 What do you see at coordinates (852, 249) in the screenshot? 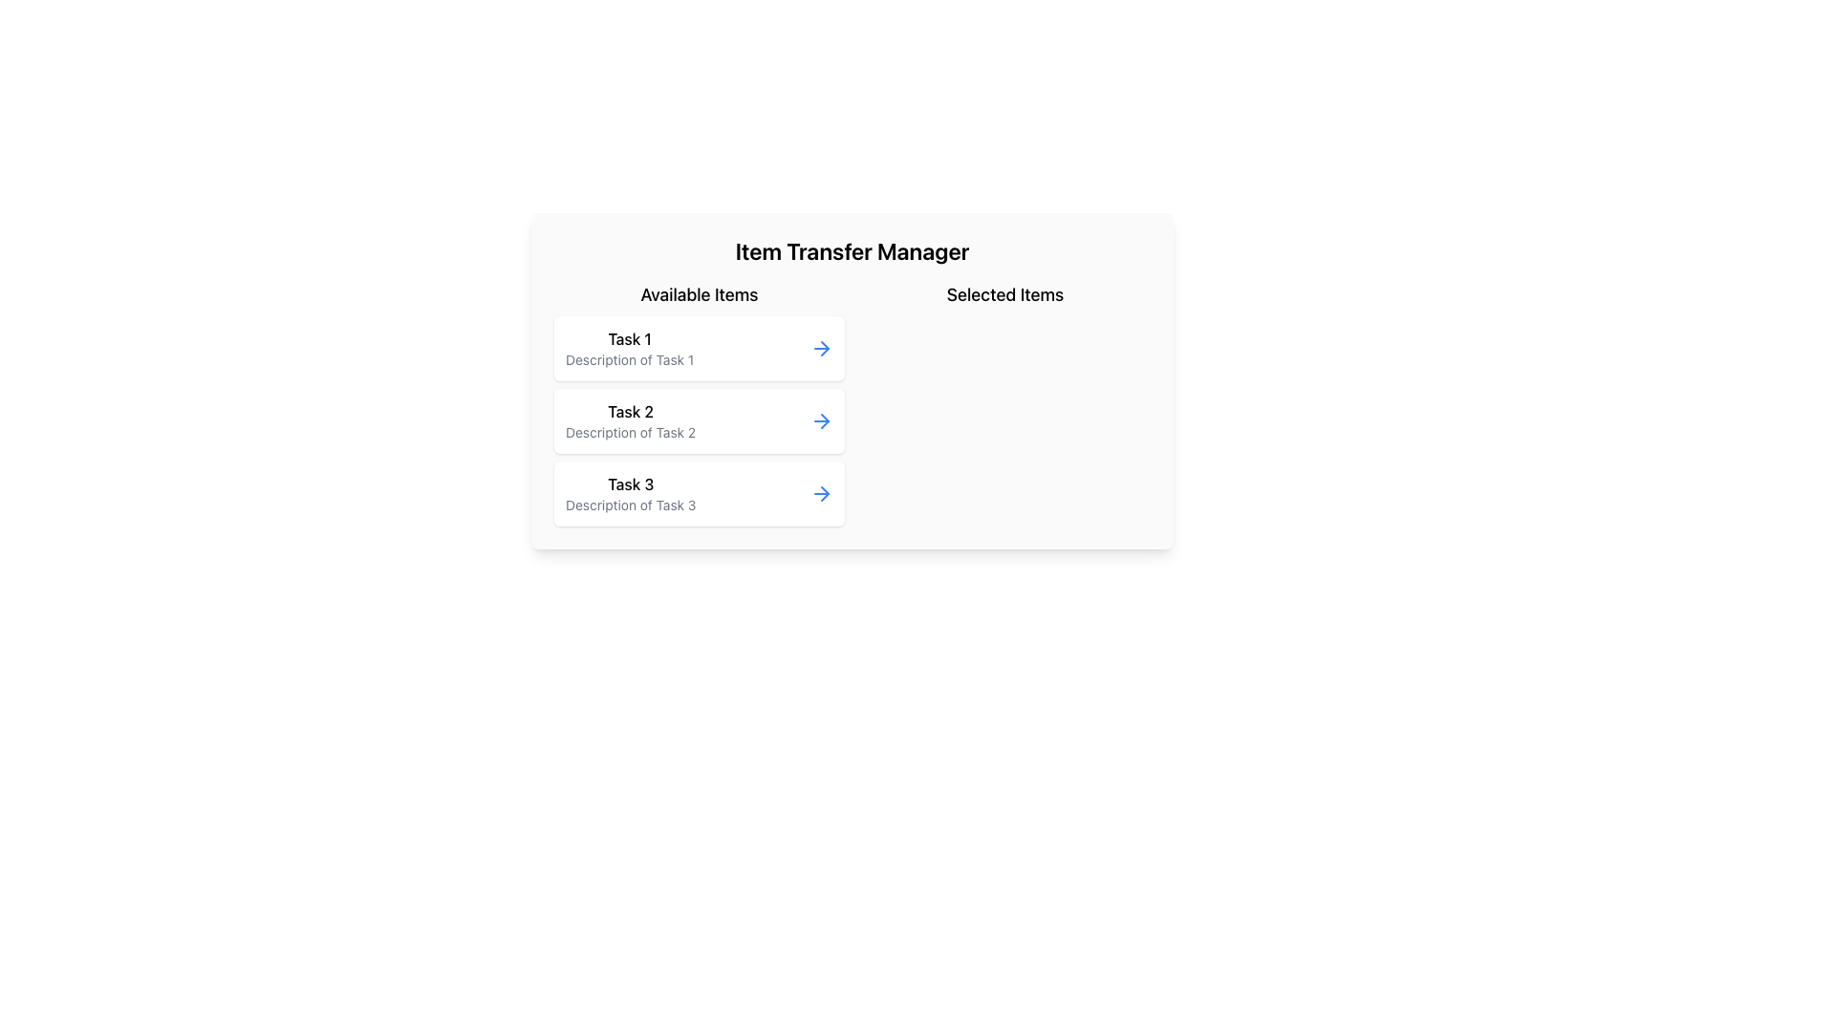
I see `text of the heading titled 'Item Transfer Manager' which is displayed in large, bold font at the top-center of the interface` at bounding box center [852, 249].